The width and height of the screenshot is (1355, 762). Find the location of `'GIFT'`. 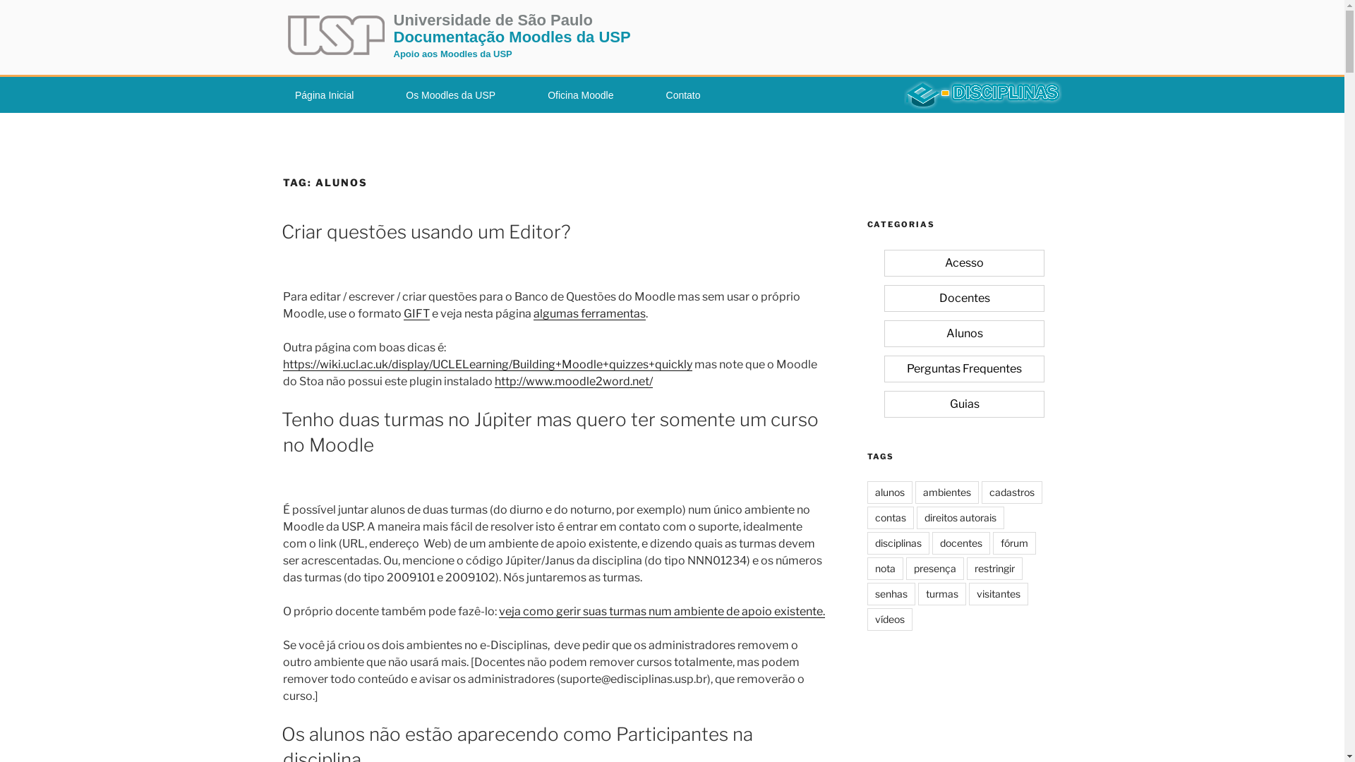

'GIFT' is located at coordinates (416, 313).